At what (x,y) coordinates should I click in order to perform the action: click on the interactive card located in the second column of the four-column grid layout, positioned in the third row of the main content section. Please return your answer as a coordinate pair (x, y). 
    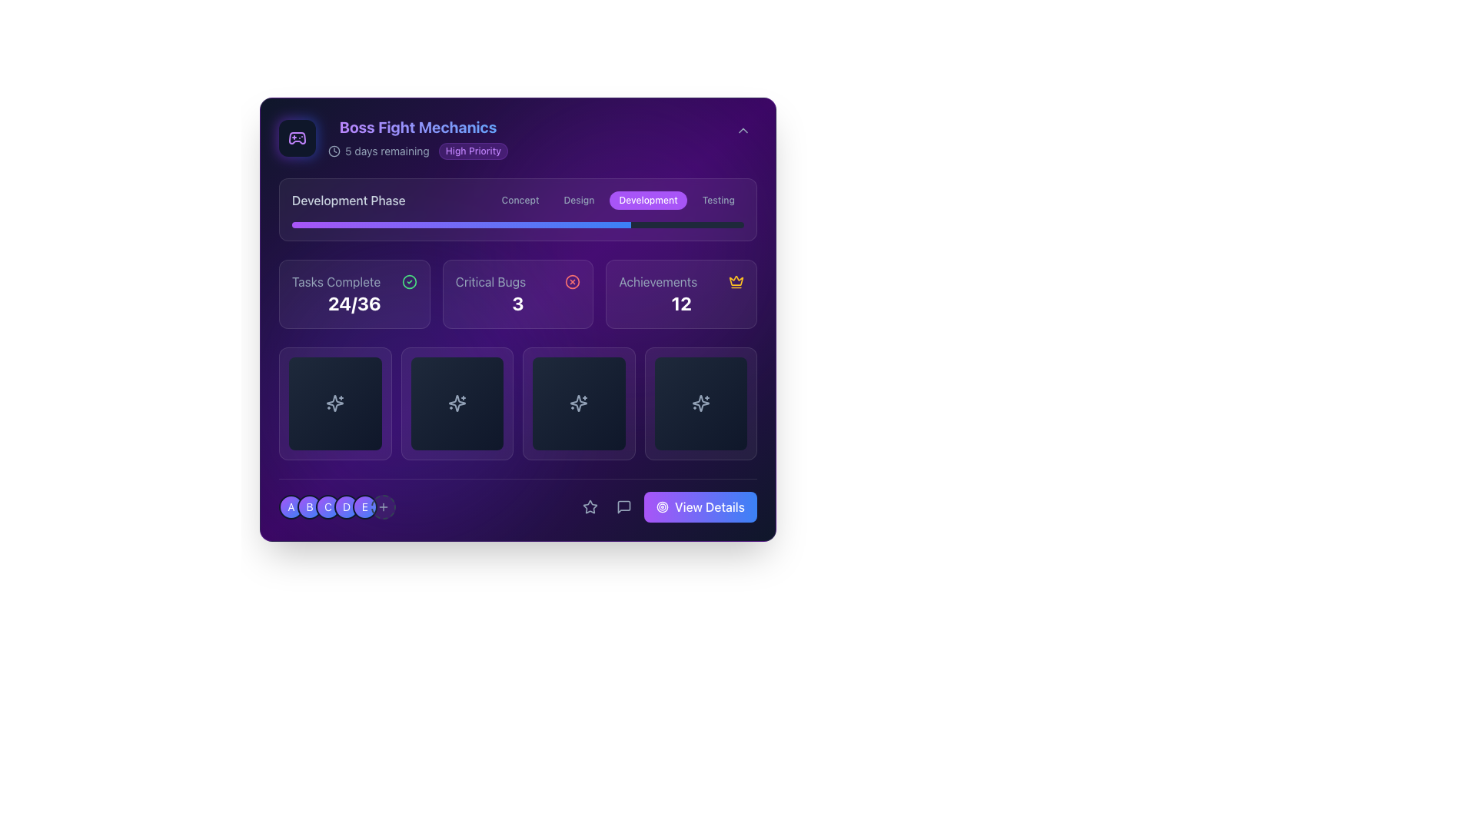
    Looking at the image, I should click on (456, 403).